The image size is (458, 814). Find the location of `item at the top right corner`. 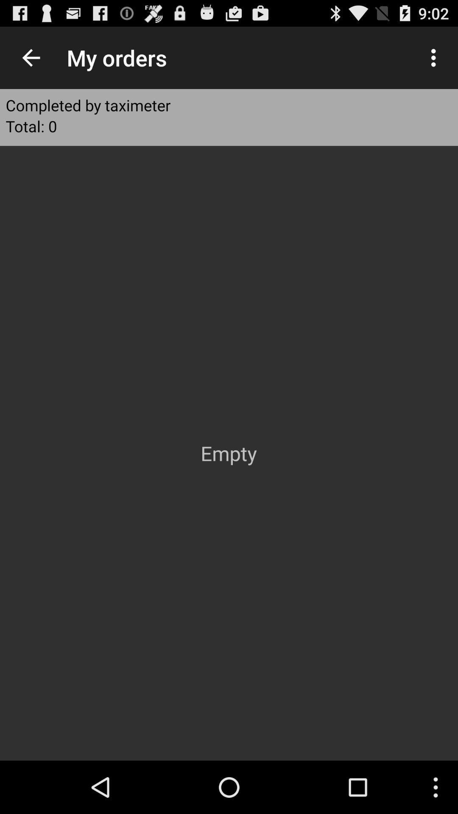

item at the top right corner is located at coordinates (436, 57).